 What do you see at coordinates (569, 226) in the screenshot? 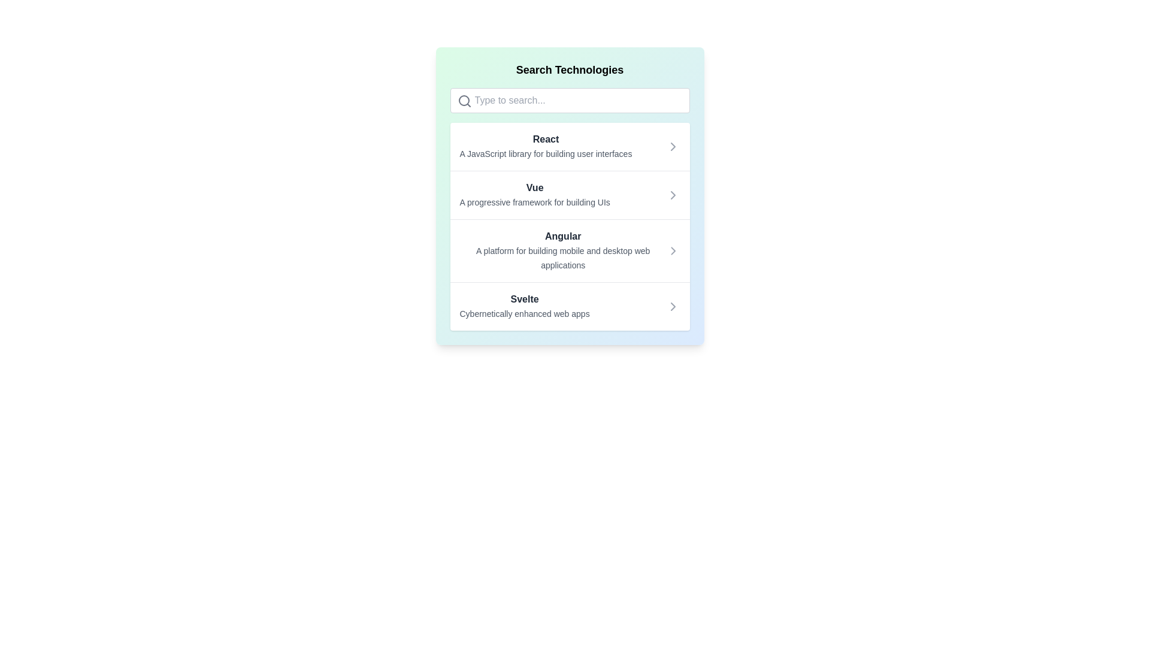
I see `the third list item in a vertical list of JavaScript frameworks` at bounding box center [569, 226].